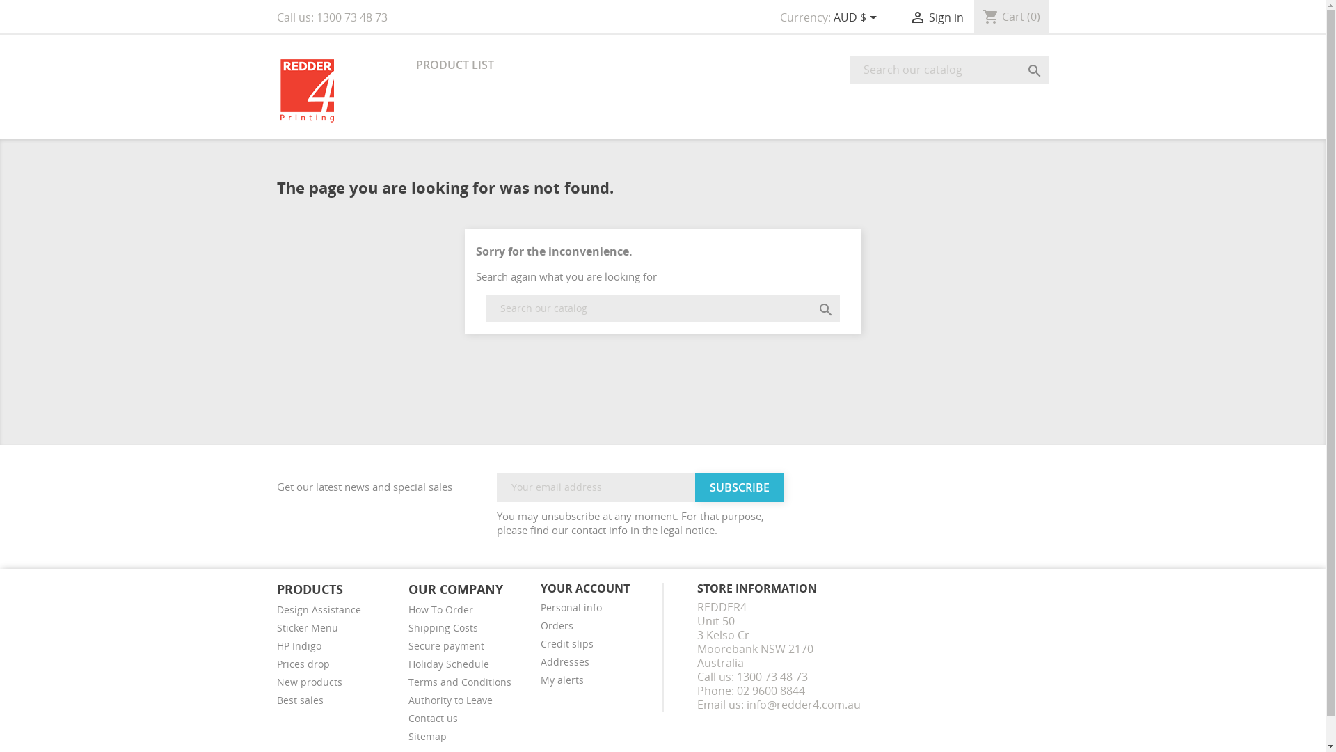 This screenshot has width=1336, height=752. What do you see at coordinates (557, 625) in the screenshot?
I see `'Orders'` at bounding box center [557, 625].